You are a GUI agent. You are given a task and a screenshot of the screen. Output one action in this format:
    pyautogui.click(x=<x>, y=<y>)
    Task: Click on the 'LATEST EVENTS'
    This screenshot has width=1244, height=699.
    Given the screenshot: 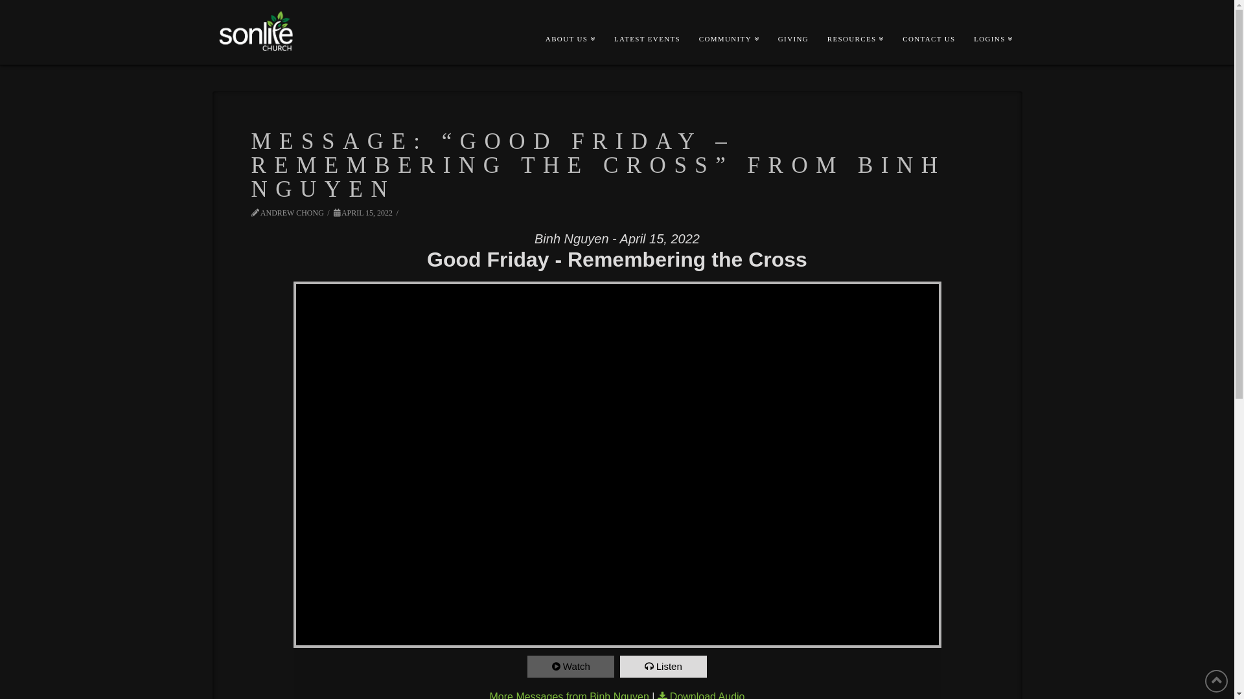 What is the action you would take?
    pyautogui.click(x=647, y=17)
    